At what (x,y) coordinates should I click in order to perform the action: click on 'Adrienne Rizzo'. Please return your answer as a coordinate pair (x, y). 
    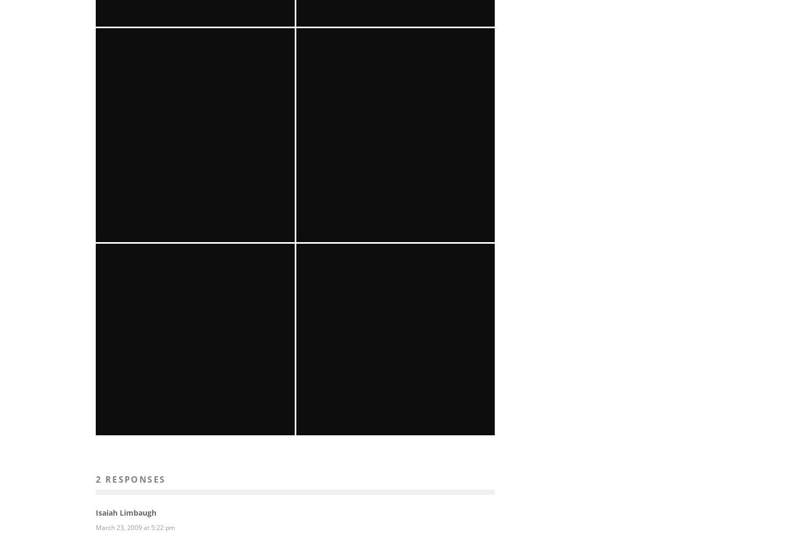
    Looking at the image, I should click on (373, 295).